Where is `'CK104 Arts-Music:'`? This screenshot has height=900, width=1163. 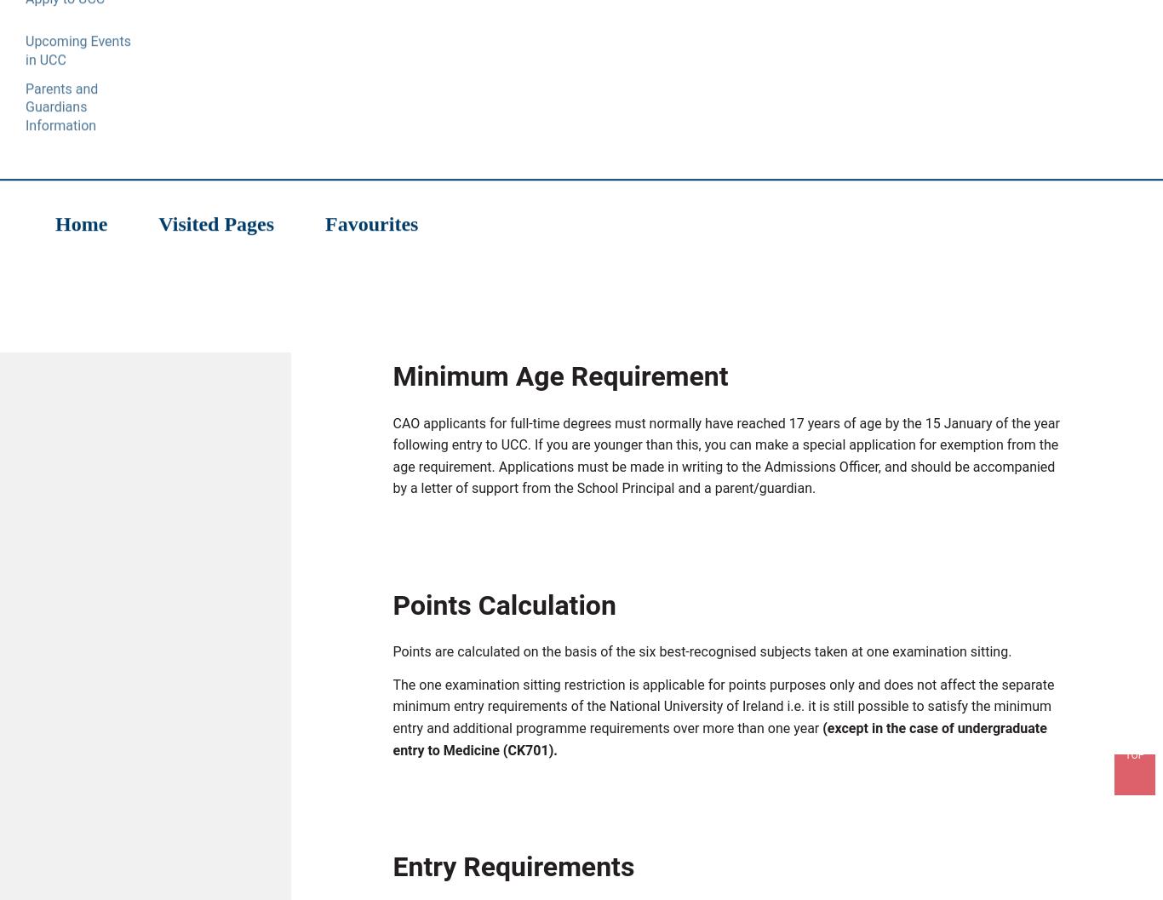 'CK104 Arts-Music:' is located at coordinates (483, 175).